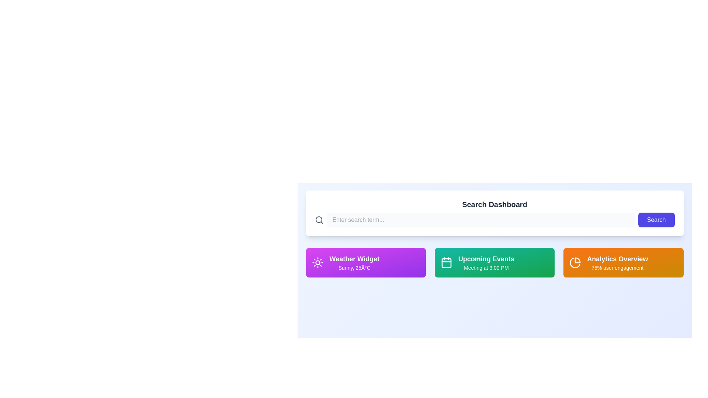  I want to click on the 'Search' button in the interactive search bar that has a placeholder 'Enter search term...' and is located on the 'Search Dashboard' card, so click(494, 220).